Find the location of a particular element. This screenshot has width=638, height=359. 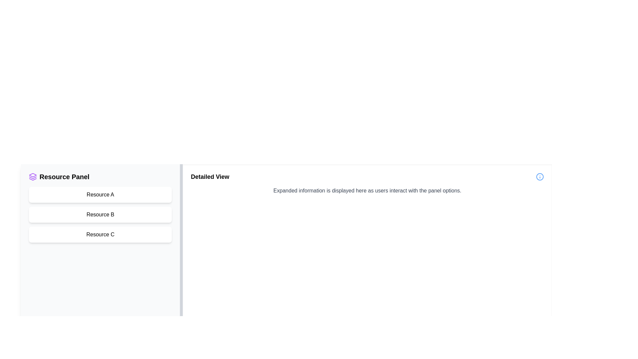

the purple SVG icon located at the leftmost side of the header labeled 'Resource Panel' is located at coordinates (33, 177).